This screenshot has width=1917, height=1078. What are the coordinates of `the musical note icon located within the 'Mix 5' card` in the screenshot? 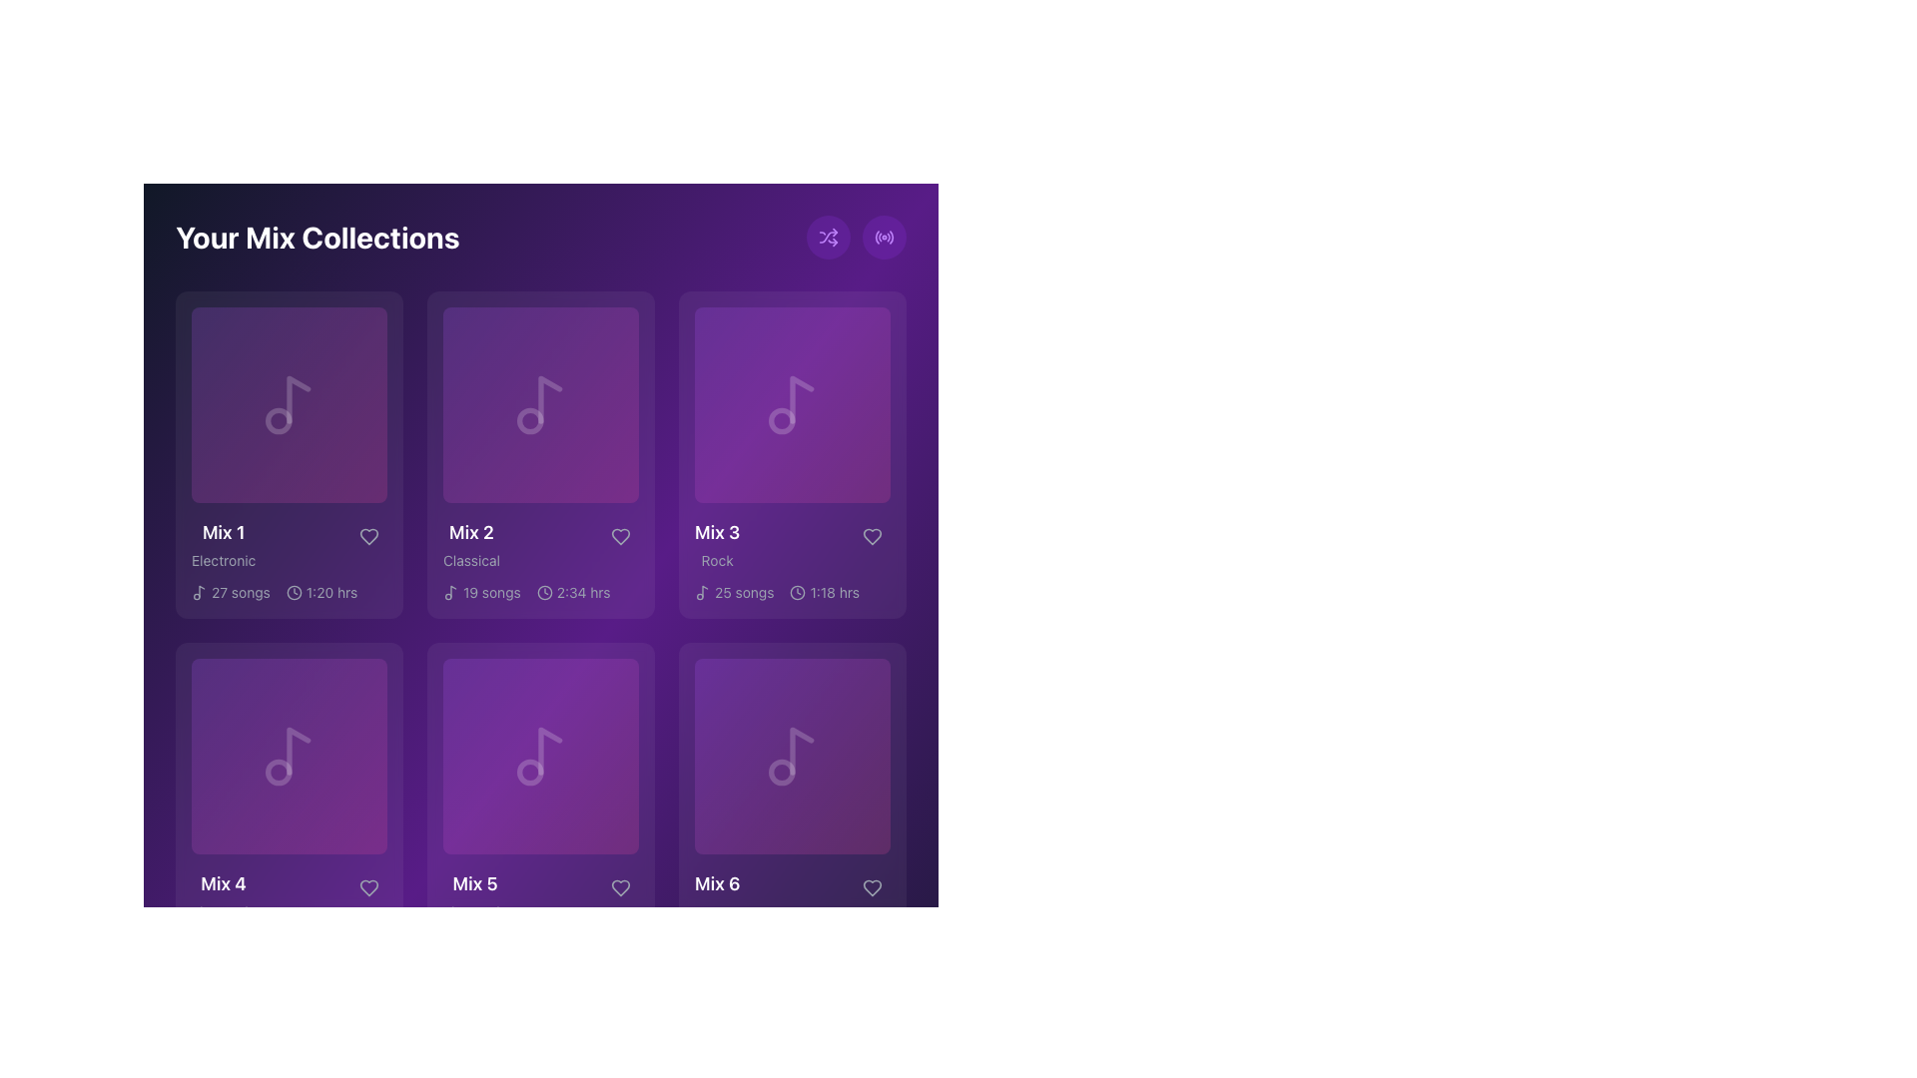 It's located at (550, 751).